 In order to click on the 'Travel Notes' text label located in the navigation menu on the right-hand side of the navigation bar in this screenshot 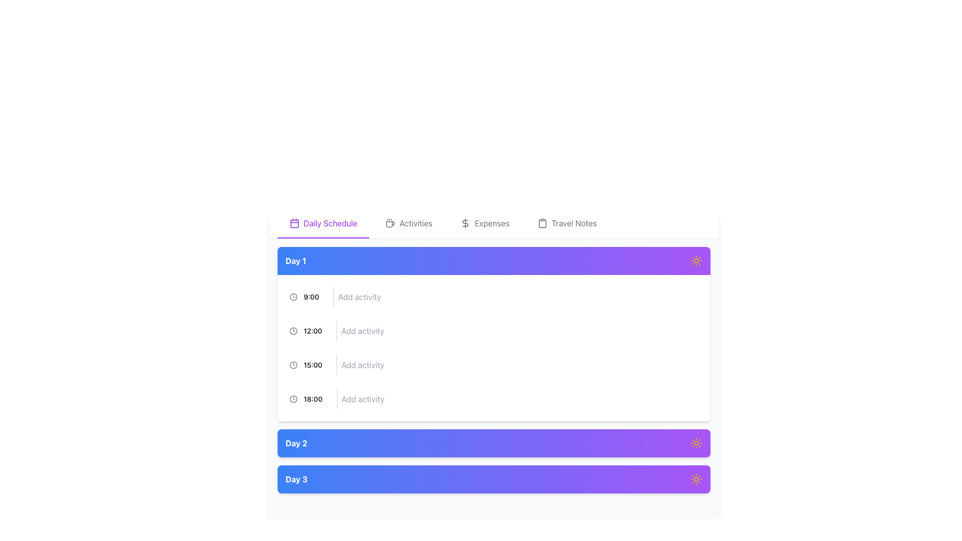, I will do `click(574, 223)`.